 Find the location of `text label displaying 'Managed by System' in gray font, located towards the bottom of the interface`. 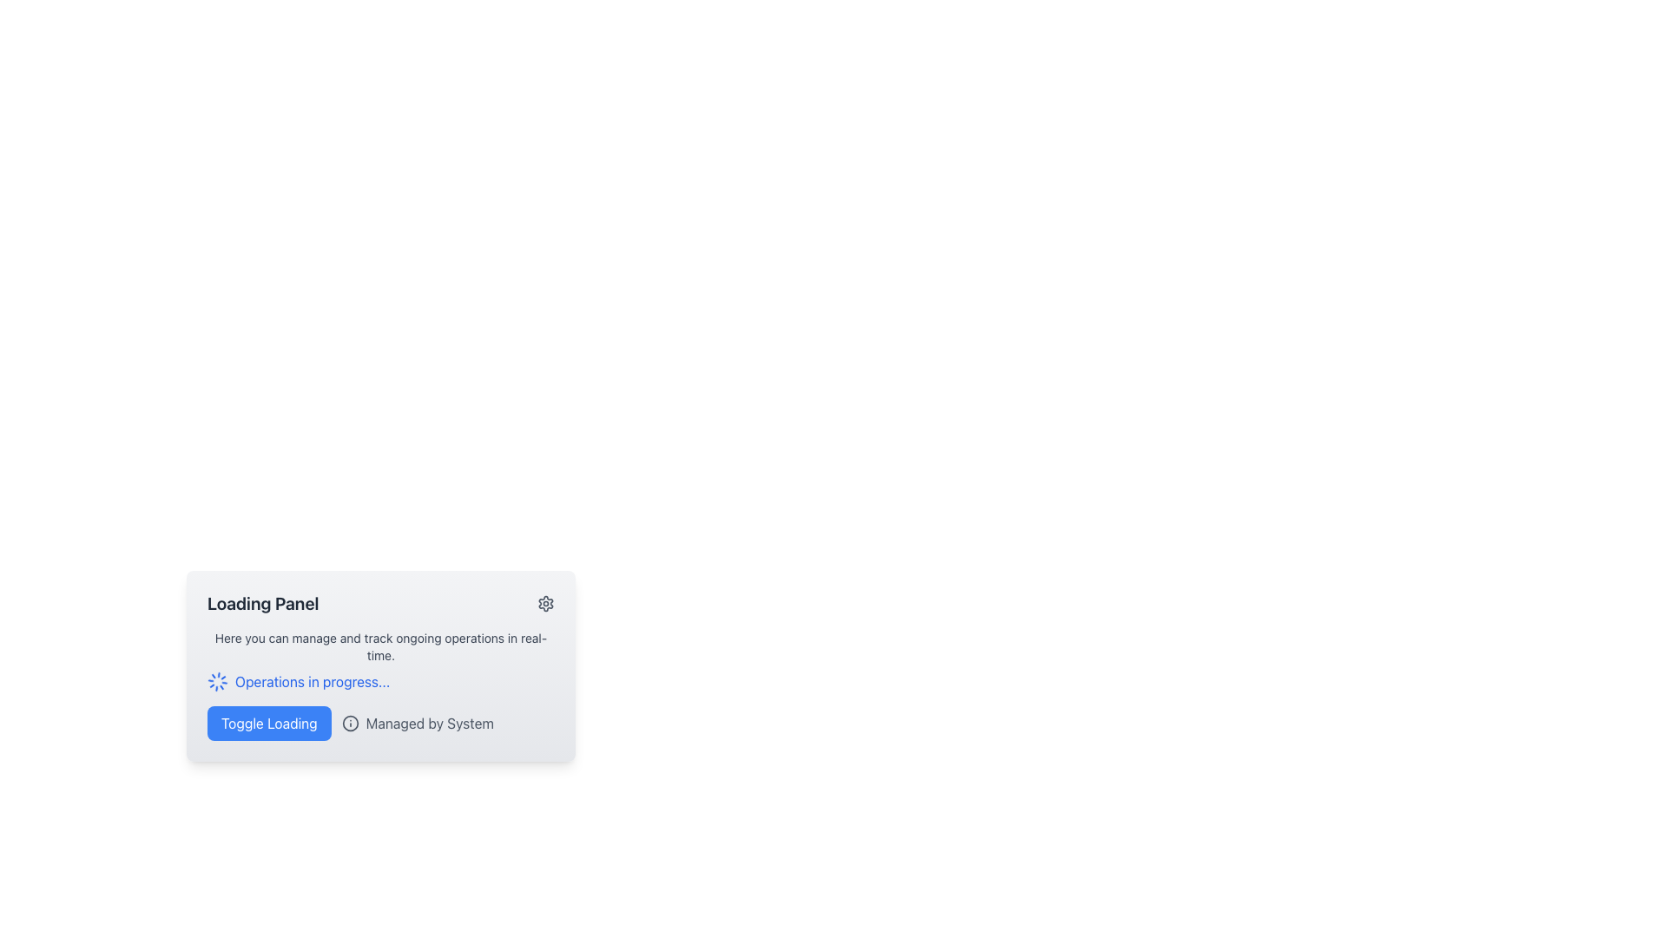

text label displaying 'Managed by System' in gray font, located towards the bottom of the interface is located at coordinates (430, 723).